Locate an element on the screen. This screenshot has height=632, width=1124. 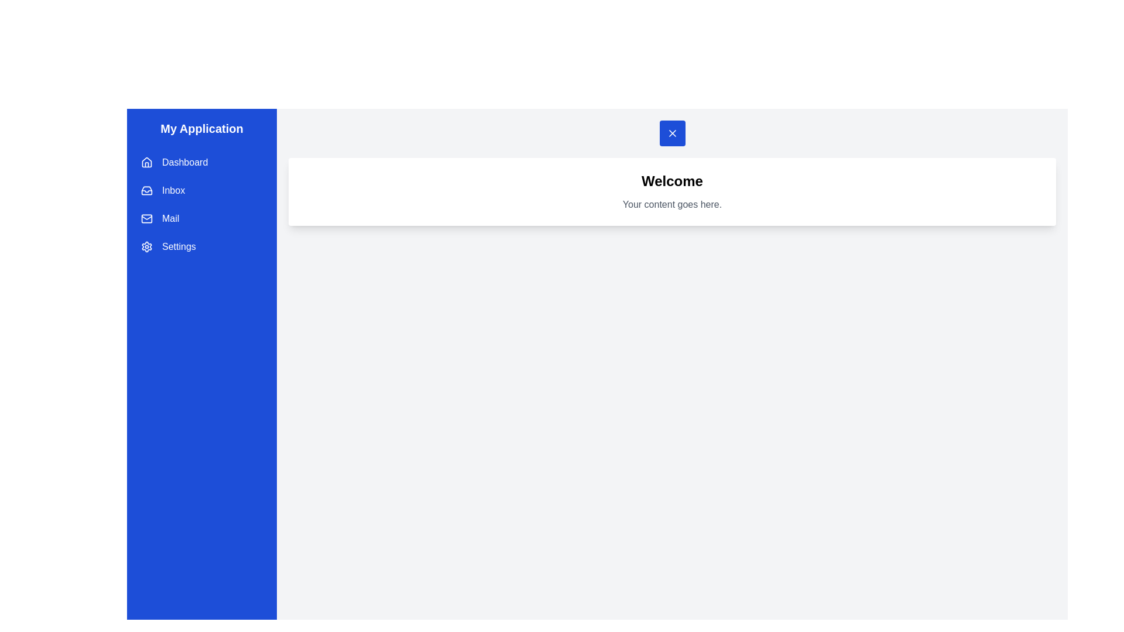
the drawer menu item labeled Inbox is located at coordinates (202, 190).